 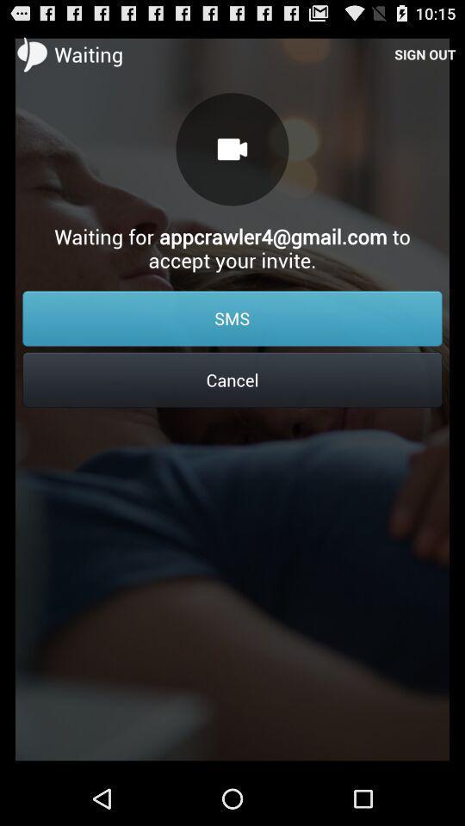 What do you see at coordinates (232, 379) in the screenshot?
I see `cancel icon` at bounding box center [232, 379].